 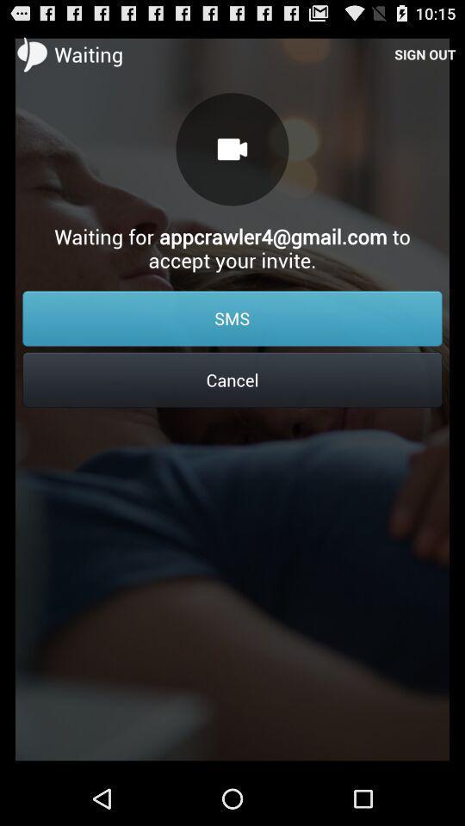 What do you see at coordinates (232, 379) in the screenshot?
I see `cancel icon` at bounding box center [232, 379].